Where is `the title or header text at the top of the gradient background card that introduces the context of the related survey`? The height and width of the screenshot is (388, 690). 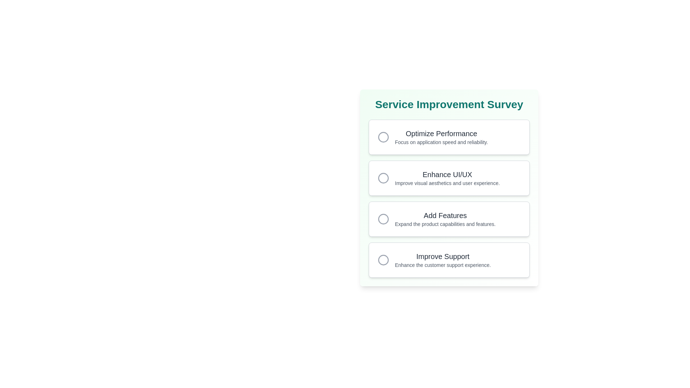 the title or header text at the top of the gradient background card that introduces the context of the related survey is located at coordinates (448, 104).